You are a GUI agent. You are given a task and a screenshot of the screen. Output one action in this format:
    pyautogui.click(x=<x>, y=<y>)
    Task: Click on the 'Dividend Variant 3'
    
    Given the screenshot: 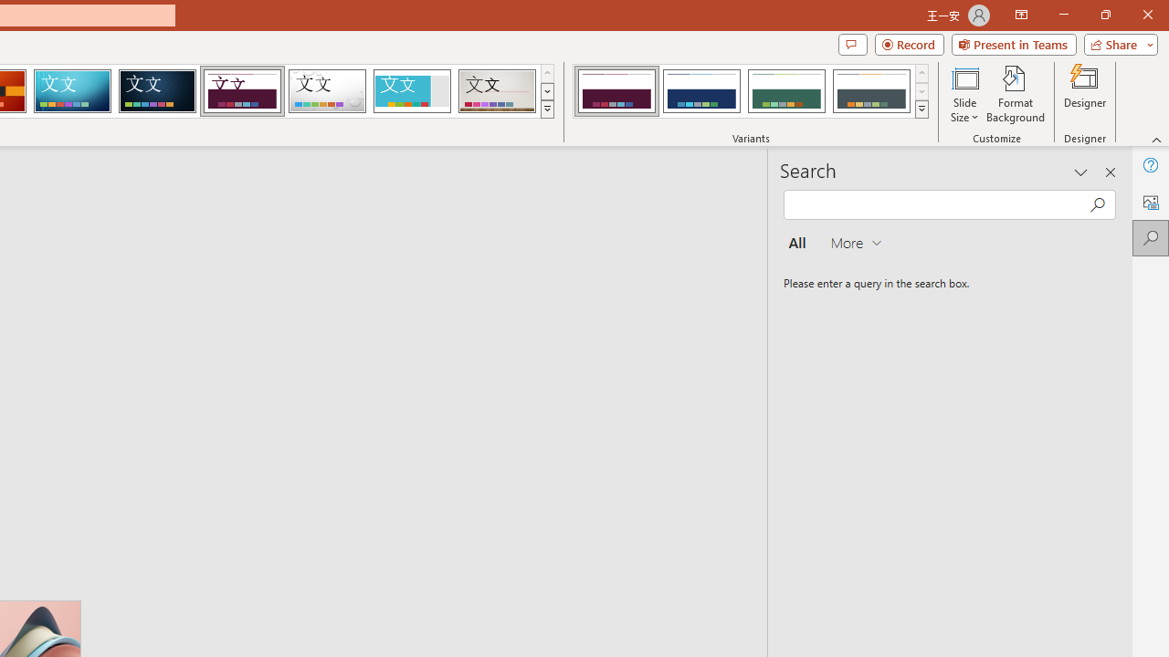 What is the action you would take?
    pyautogui.click(x=786, y=91)
    